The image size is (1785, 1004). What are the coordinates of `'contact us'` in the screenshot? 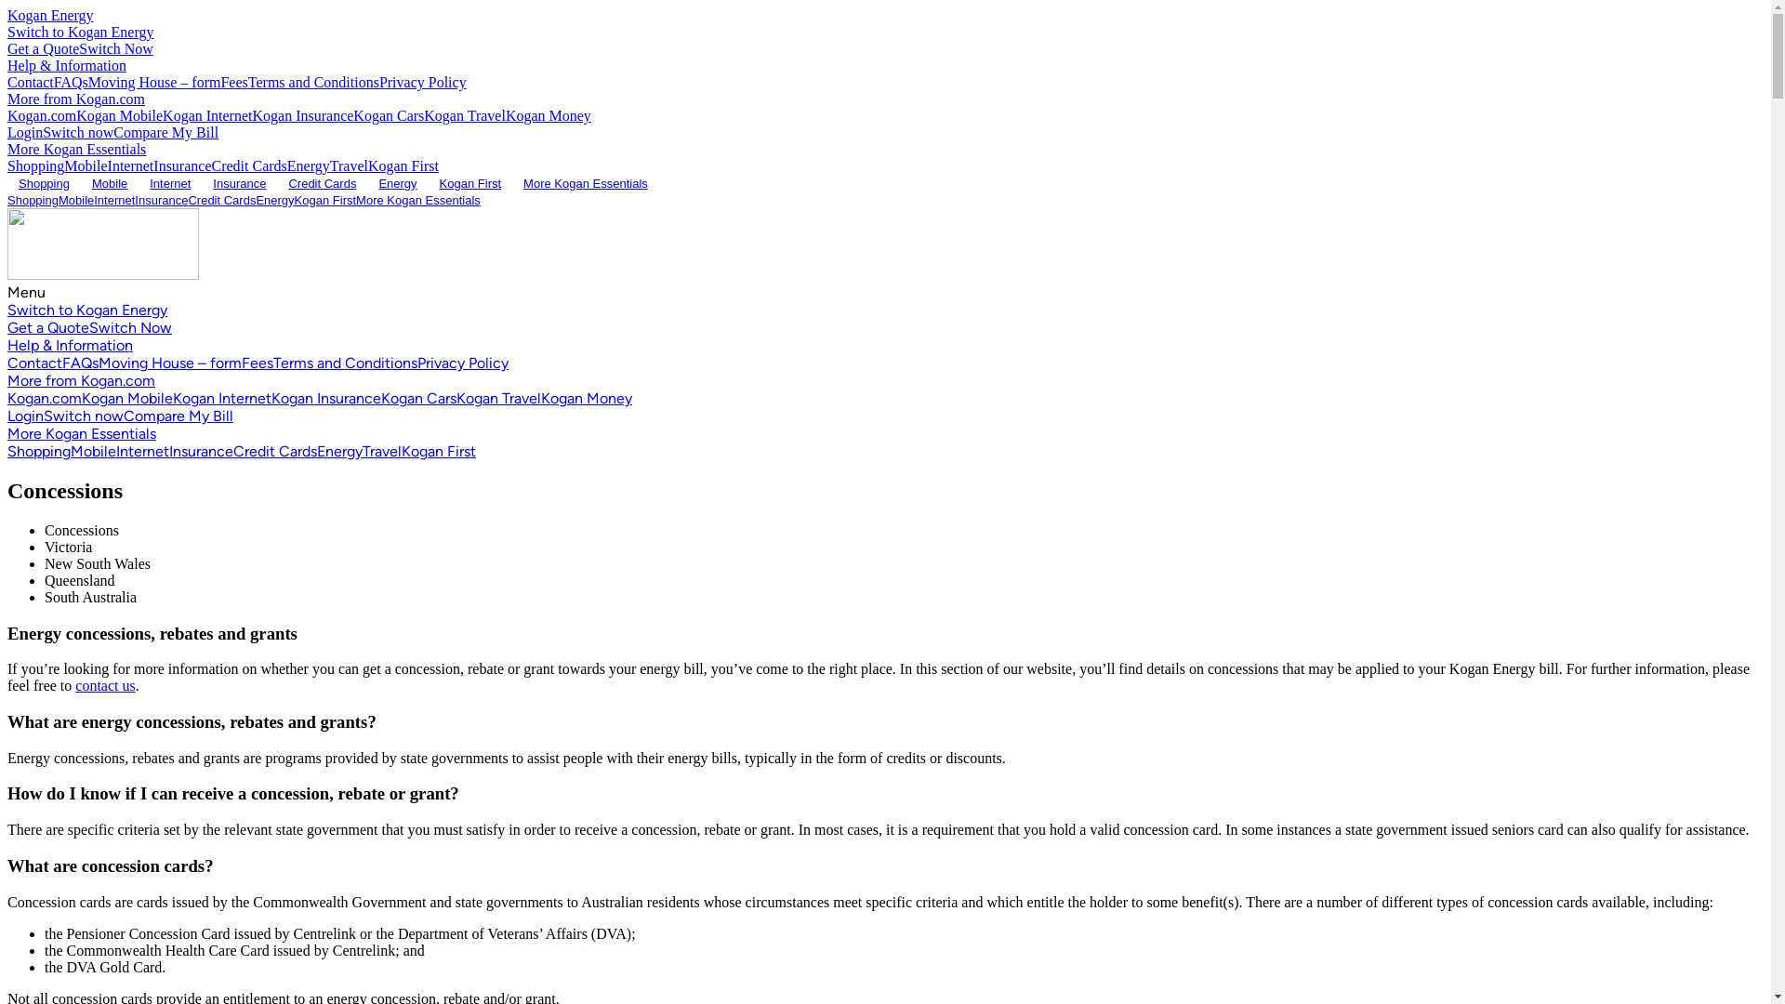 It's located at (104, 685).